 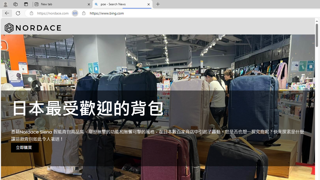 I want to click on 'Tabs in split screen', so click(x=75, y=13).